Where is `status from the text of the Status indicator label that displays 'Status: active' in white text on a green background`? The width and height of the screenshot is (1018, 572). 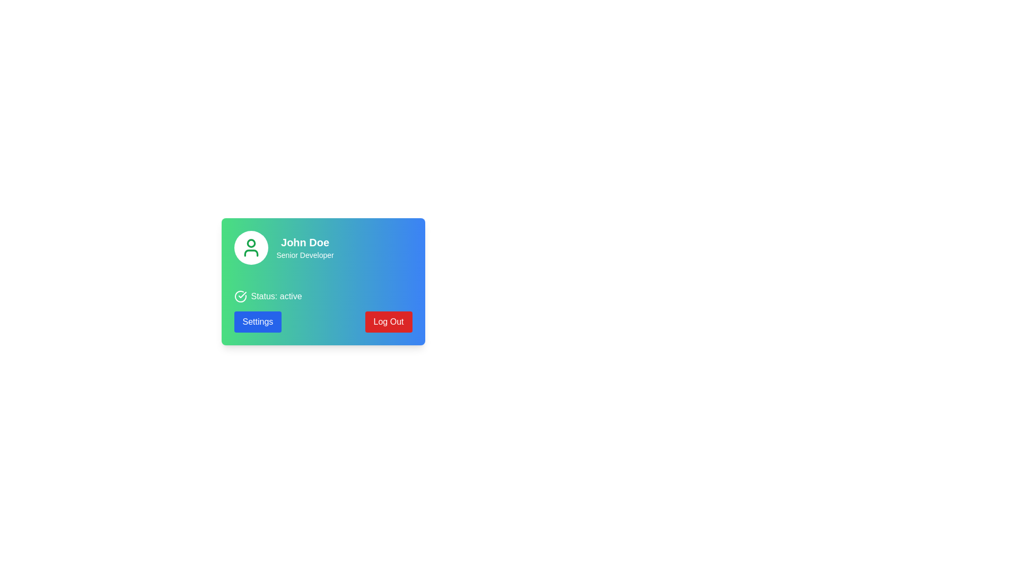 status from the text of the Status indicator label that displays 'Status: active' in white text on a green background is located at coordinates (276, 296).